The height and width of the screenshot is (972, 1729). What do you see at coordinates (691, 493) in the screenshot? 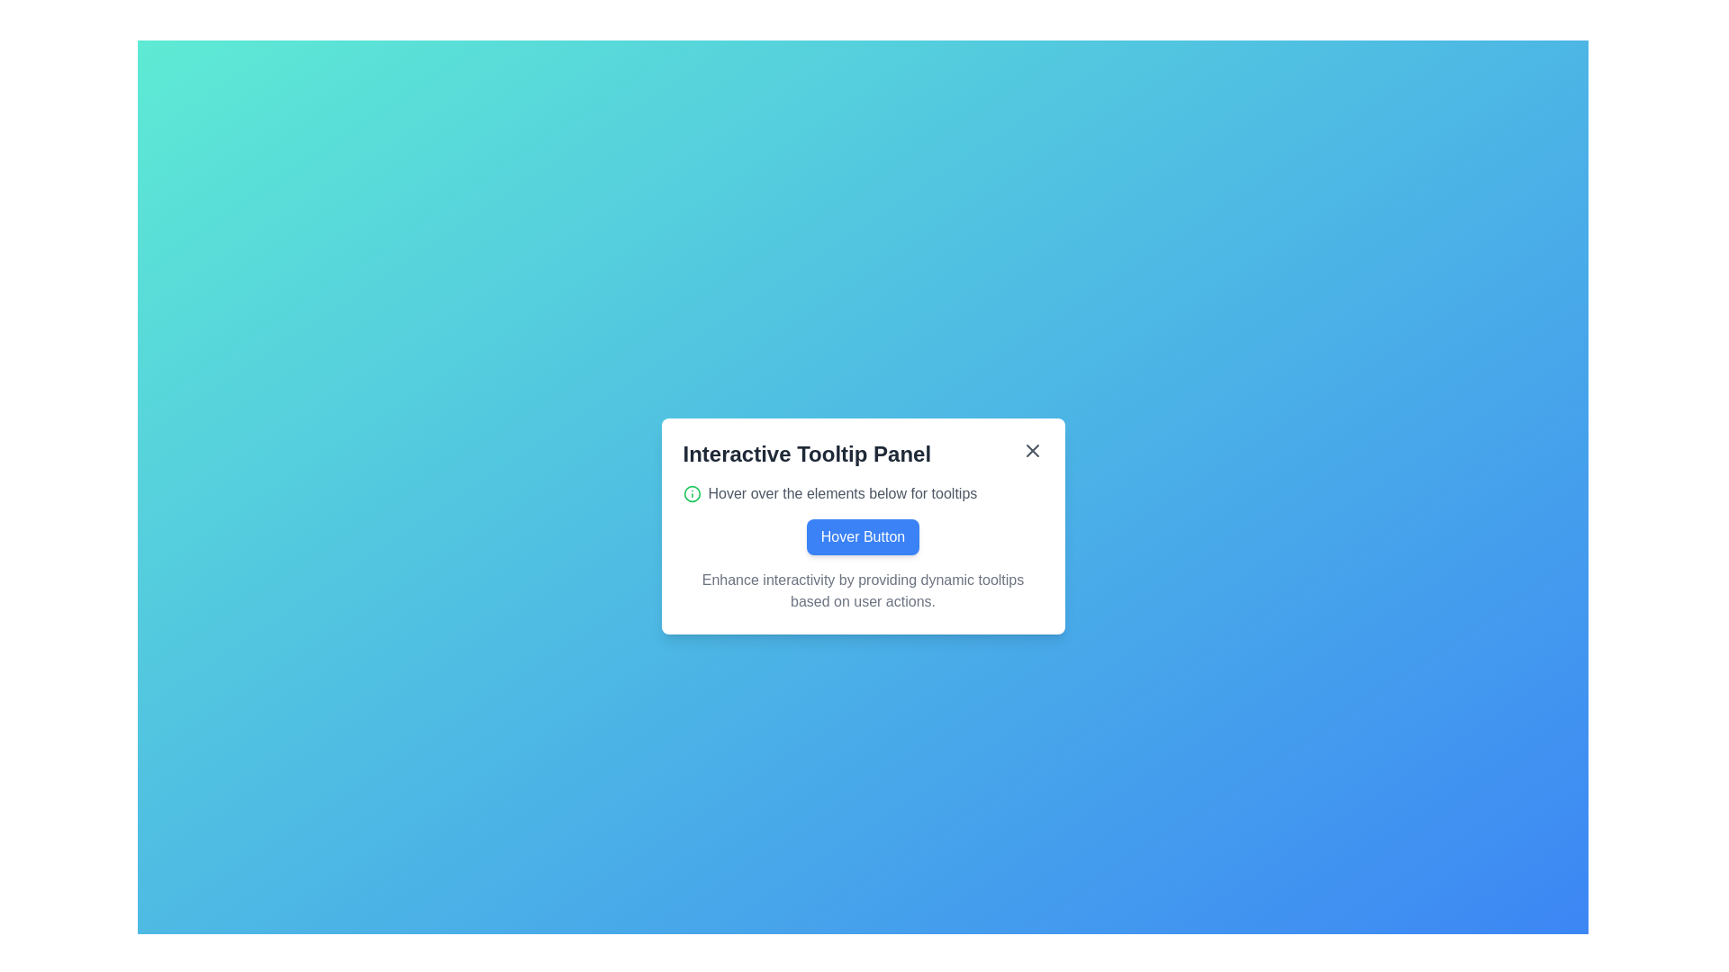
I see `the SVG circle element with a green border located in the tooltip panel area, near the text 'Hover over the elements below for tooltips'` at bounding box center [691, 493].